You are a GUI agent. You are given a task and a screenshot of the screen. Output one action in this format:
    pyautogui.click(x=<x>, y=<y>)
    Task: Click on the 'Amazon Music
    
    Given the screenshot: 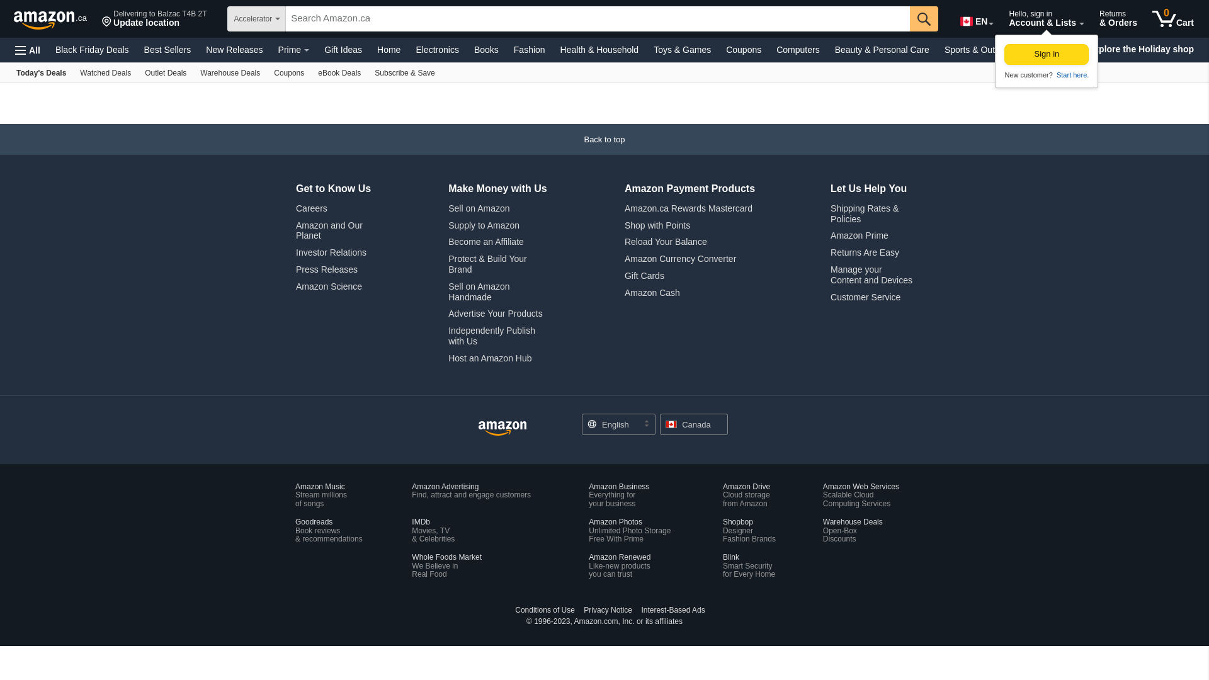 What is the action you would take?
    pyautogui.click(x=321, y=494)
    